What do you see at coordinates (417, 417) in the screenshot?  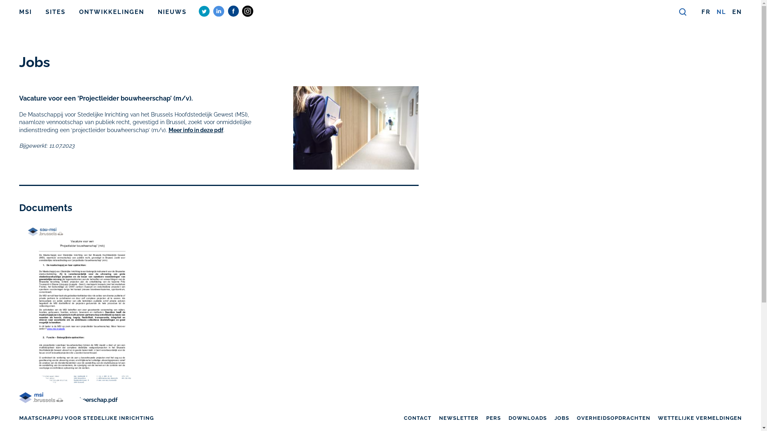 I see `'CONTACT'` at bounding box center [417, 417].